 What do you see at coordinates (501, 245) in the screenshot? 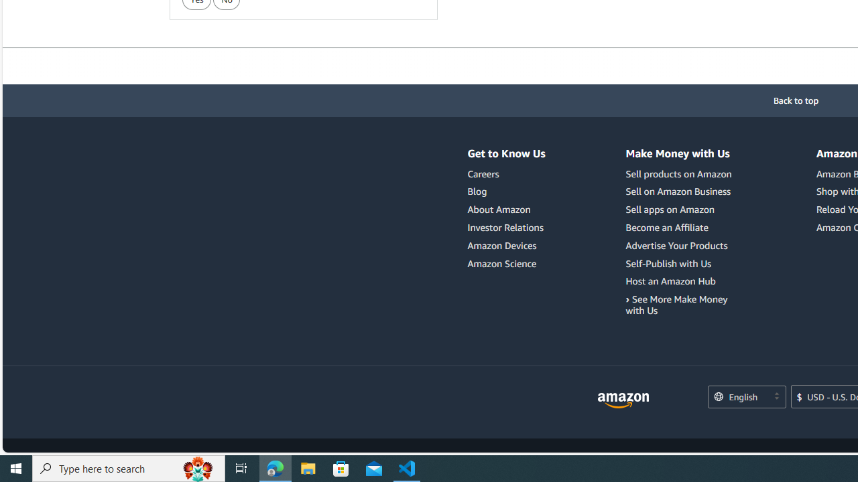
I see `'Amazon Devices'` at bounding box center [501, 245].